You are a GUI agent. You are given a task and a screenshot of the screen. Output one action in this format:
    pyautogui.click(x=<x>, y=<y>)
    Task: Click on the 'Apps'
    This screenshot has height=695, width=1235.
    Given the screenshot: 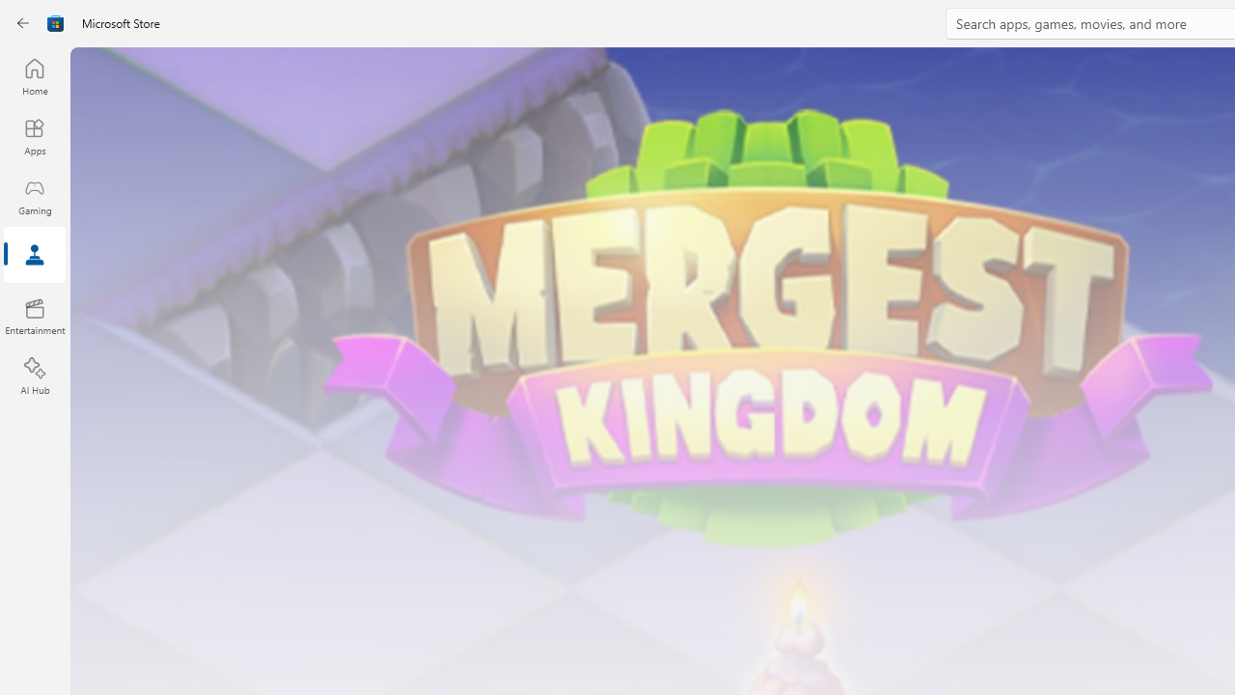 What is the action you would take?
    pyautogui.click(x=34, y=135)
    